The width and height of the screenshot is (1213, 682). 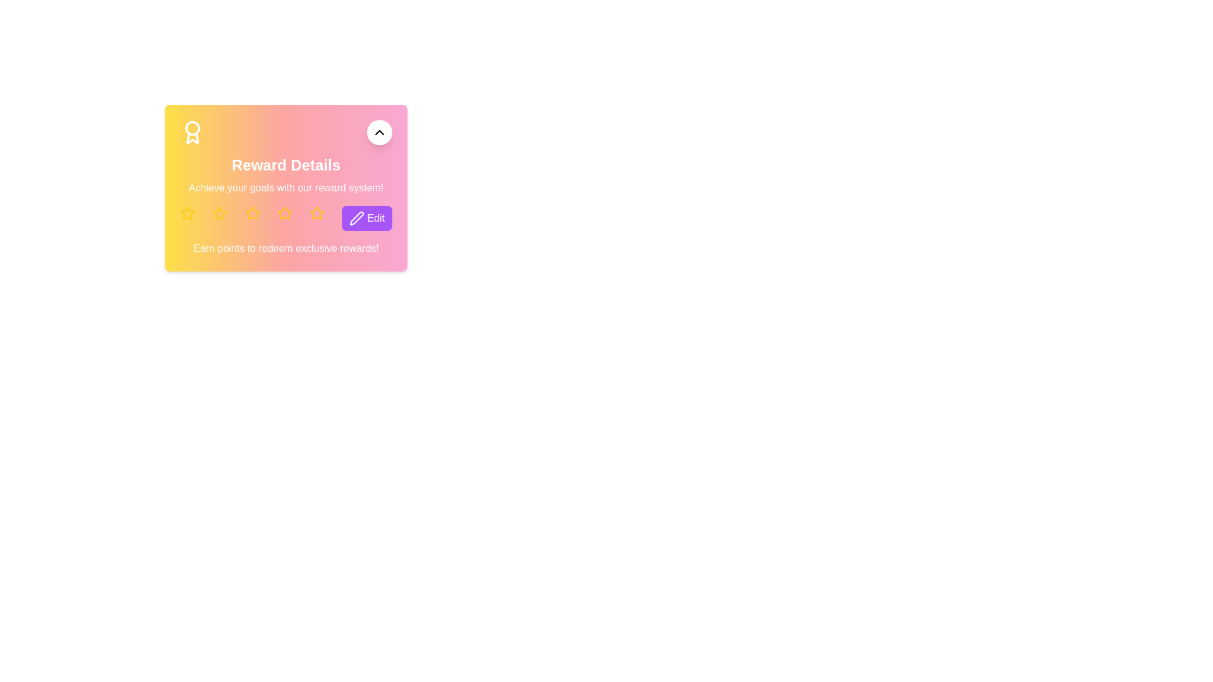 What do you see at coordinates (284, 212) in the screenshot?
I see `the fourth star icon in the user rating system within the 'Reward Details' card` at bounding box center [284, 212].